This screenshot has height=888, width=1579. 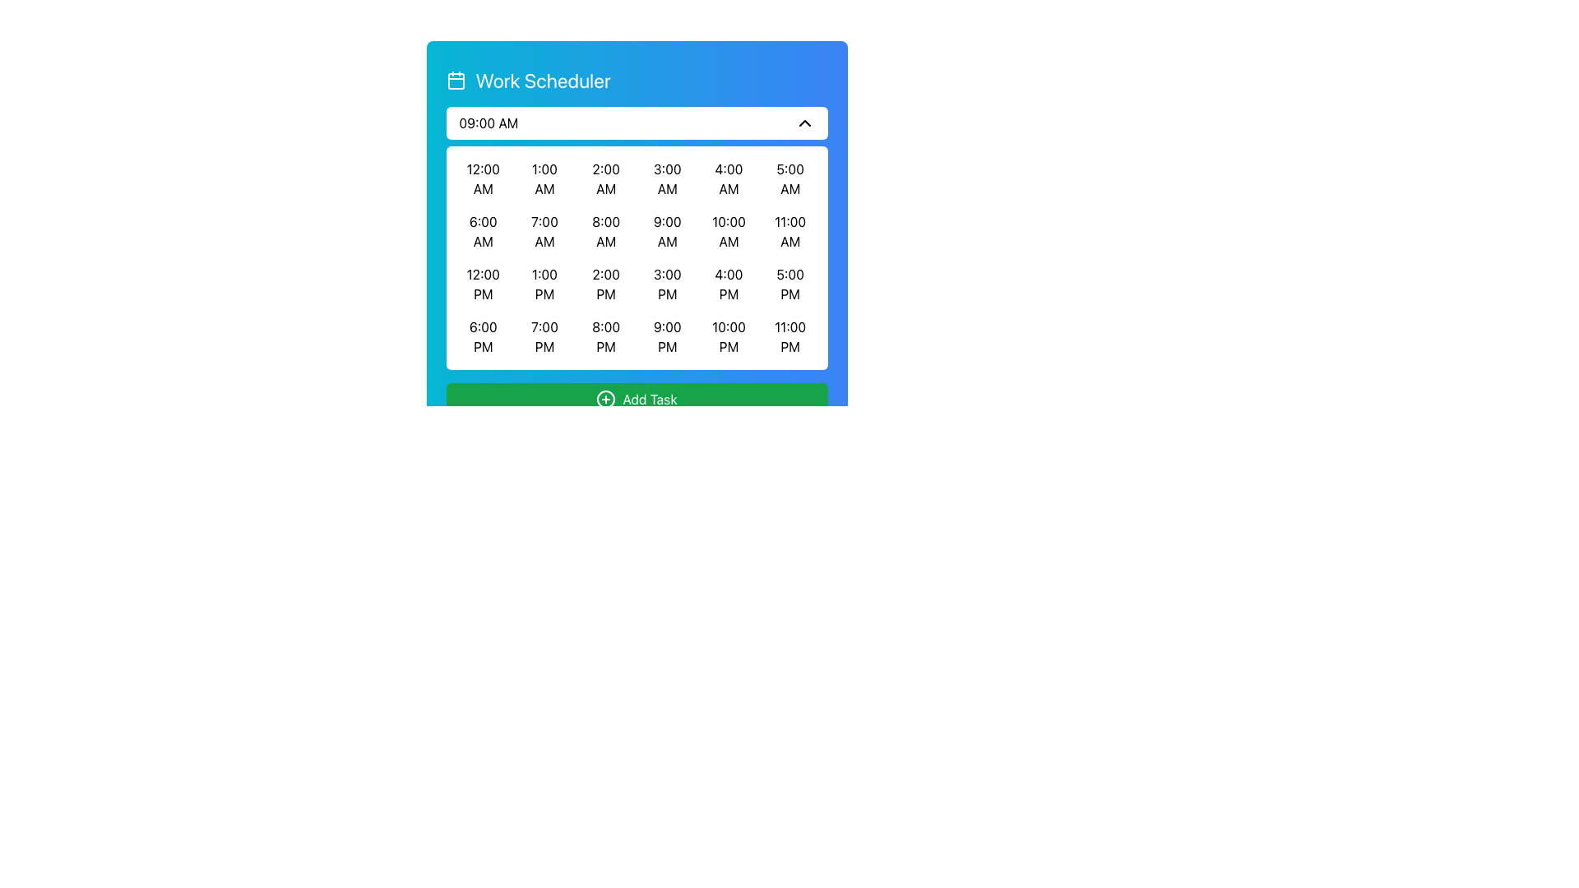 I want to click on the interactive text label in the sixth column of the fourth row under the 'Work Scheduler' heading, so click(x=728, y=335).